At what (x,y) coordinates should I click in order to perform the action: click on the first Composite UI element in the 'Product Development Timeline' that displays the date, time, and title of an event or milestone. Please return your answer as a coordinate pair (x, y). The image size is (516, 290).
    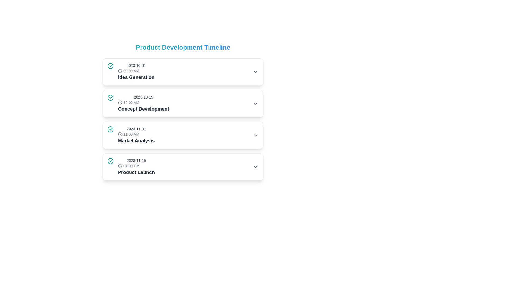
    Looking at the image, I should click on (136, 71).